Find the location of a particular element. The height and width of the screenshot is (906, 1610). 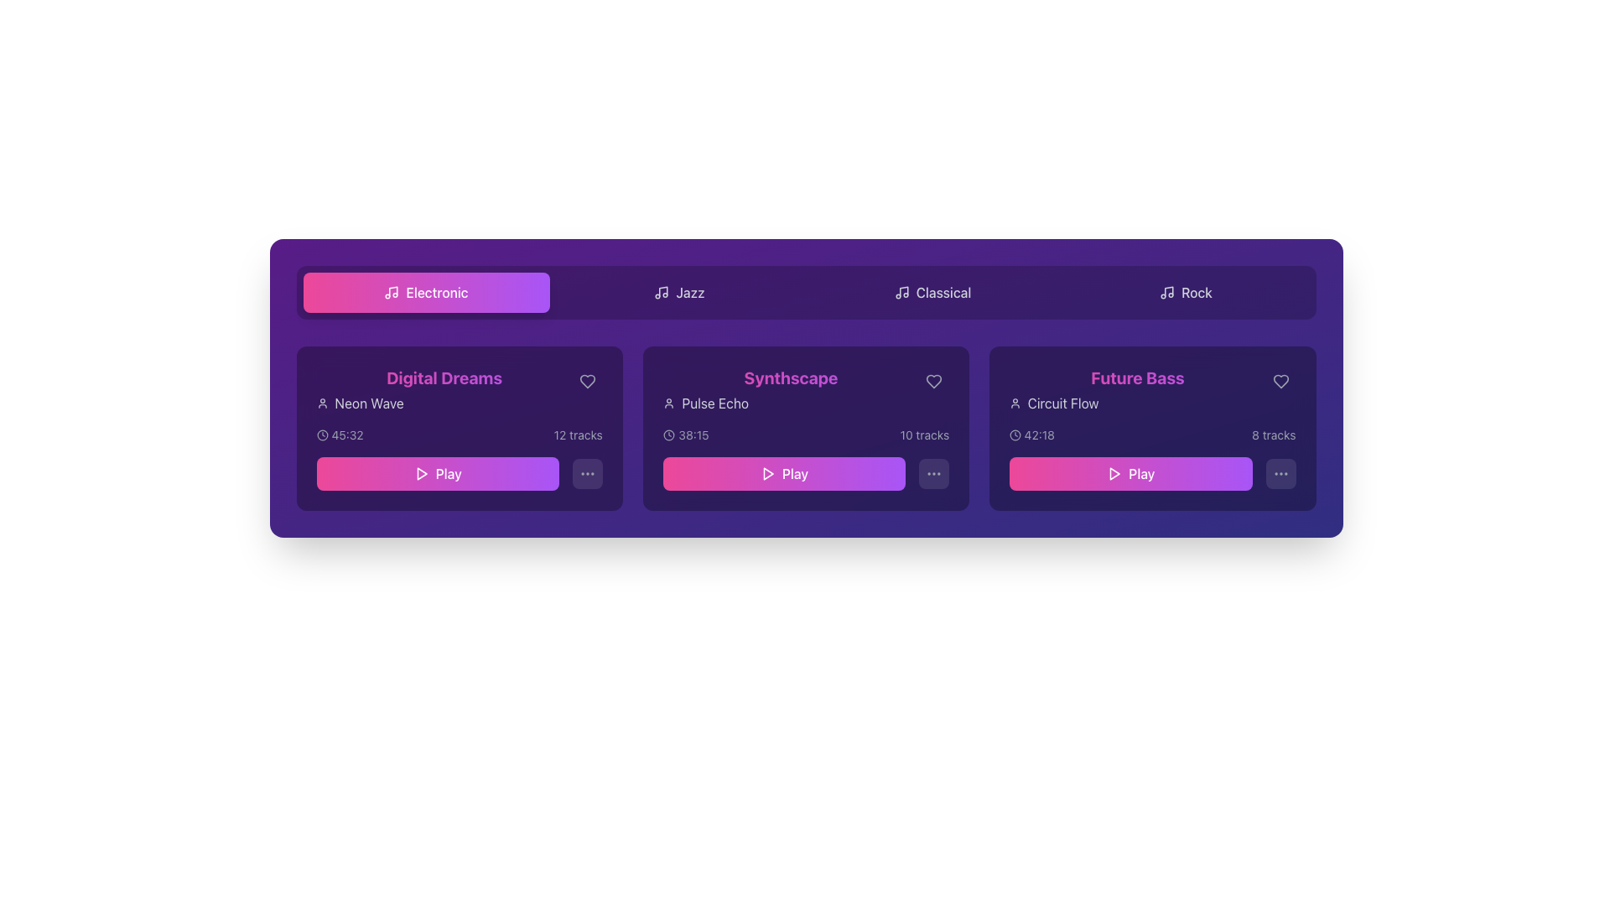

the decorative graphical icon resembling a clock, which is located to the left of the text '38:15' in the middle card of the three displayed cards titled 'Digital Dreams', 'Synthscape', and 'Future Bass' is located at coordinates (667, 435).